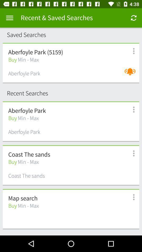 The image size is (142, 252). I want to click on map search, so click(23, 198).